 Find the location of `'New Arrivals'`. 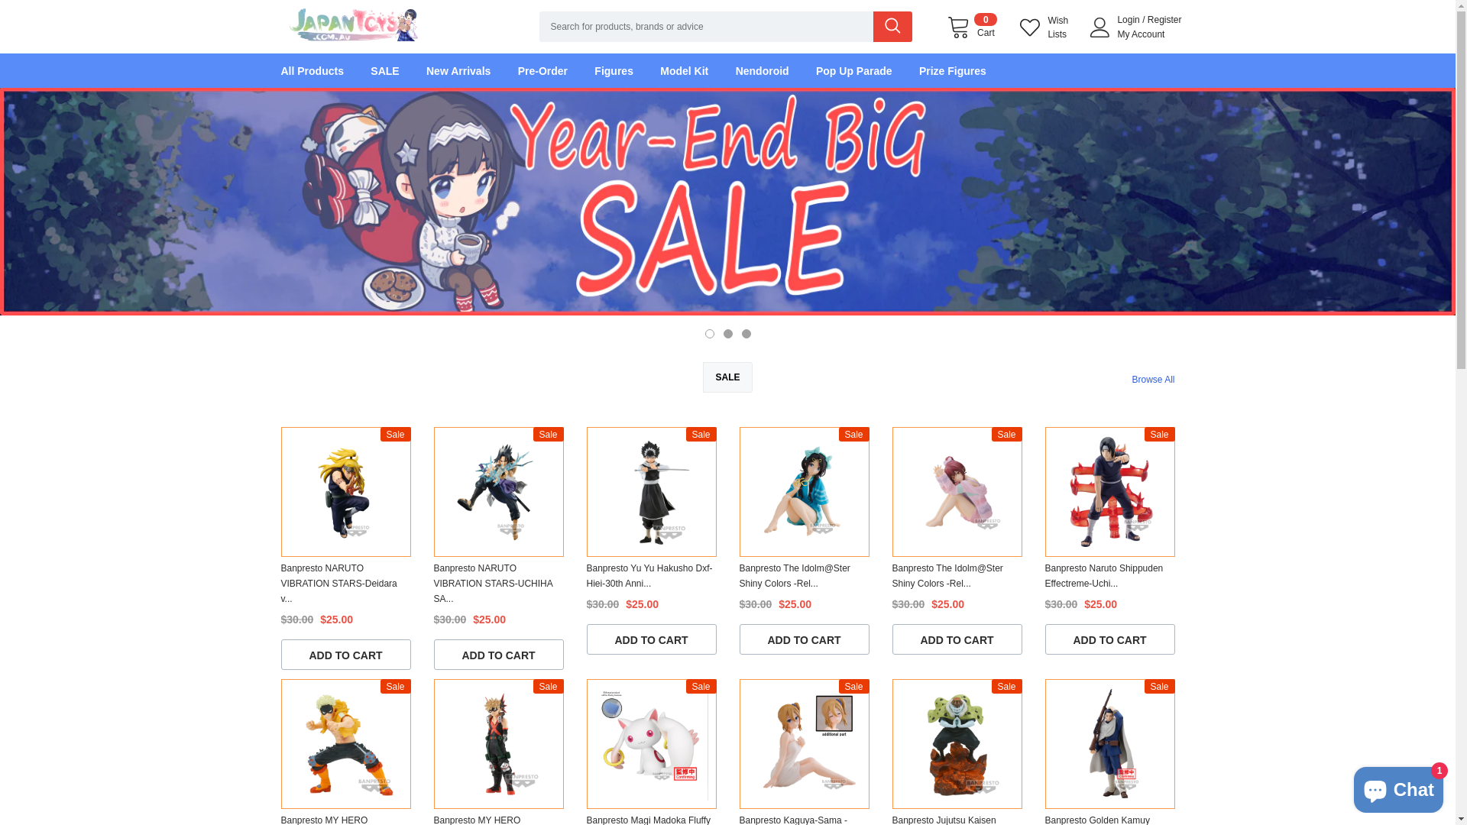

'New Arrivals' is located at coordinates (469, 70).